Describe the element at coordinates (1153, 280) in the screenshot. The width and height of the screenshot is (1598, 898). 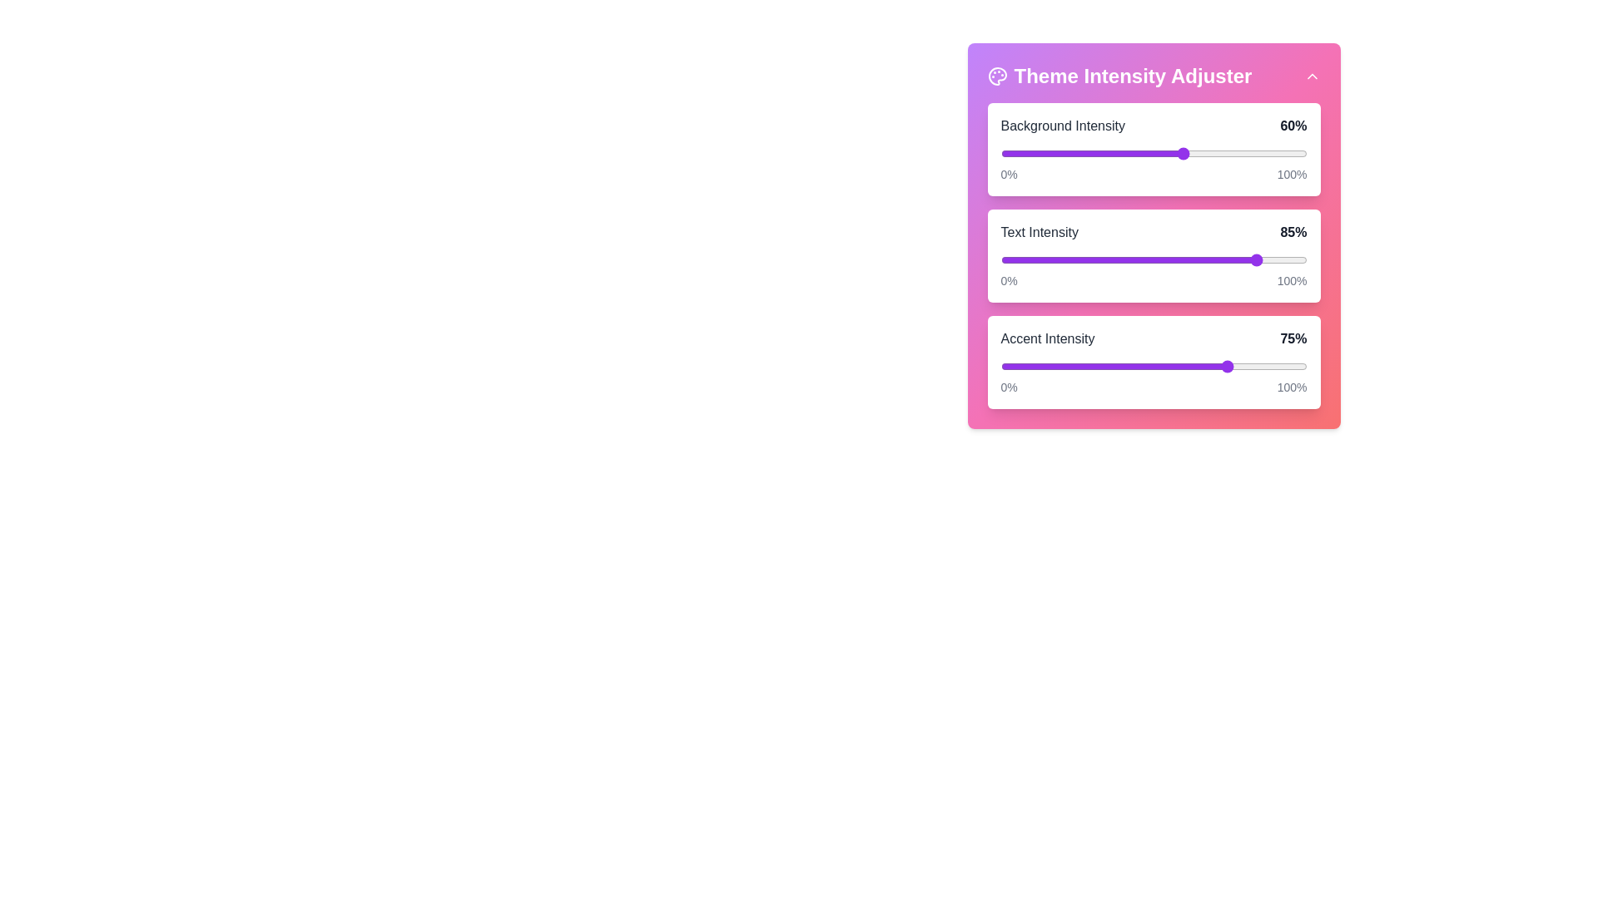
I see `the '0%' label indicating the minimum value of the 'Text Intensity' slider` at that location.